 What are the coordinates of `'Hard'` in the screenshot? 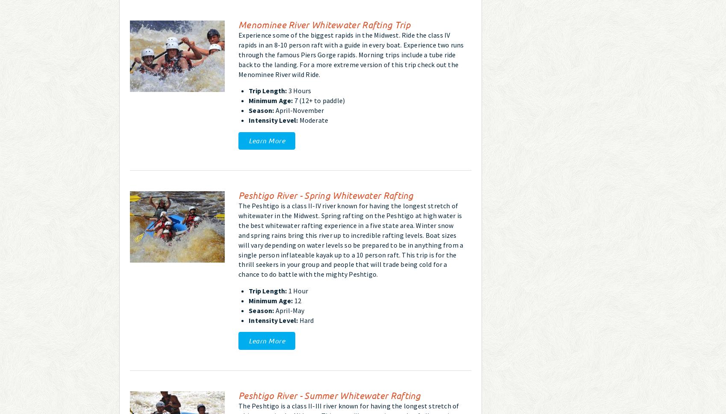 It's located at (297, 319).